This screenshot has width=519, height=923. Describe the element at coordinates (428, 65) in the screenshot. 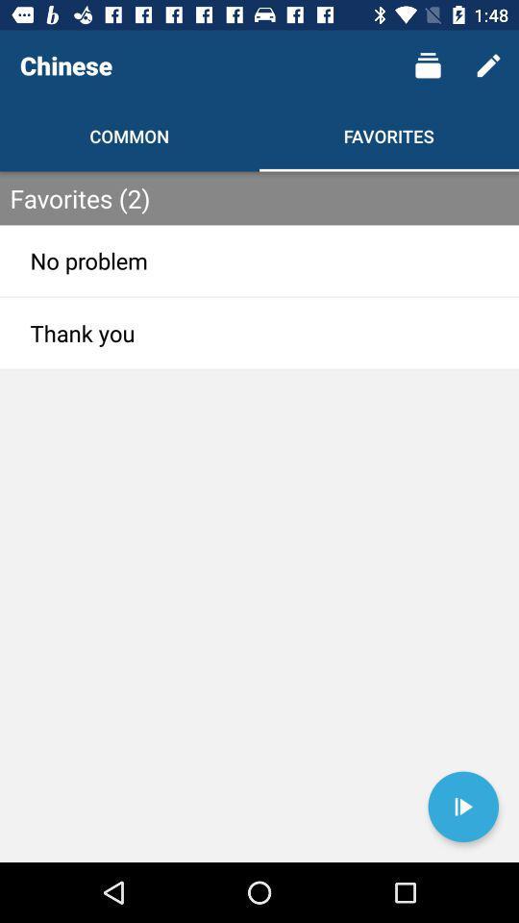

I see `the item next to chinese icon` at that location.